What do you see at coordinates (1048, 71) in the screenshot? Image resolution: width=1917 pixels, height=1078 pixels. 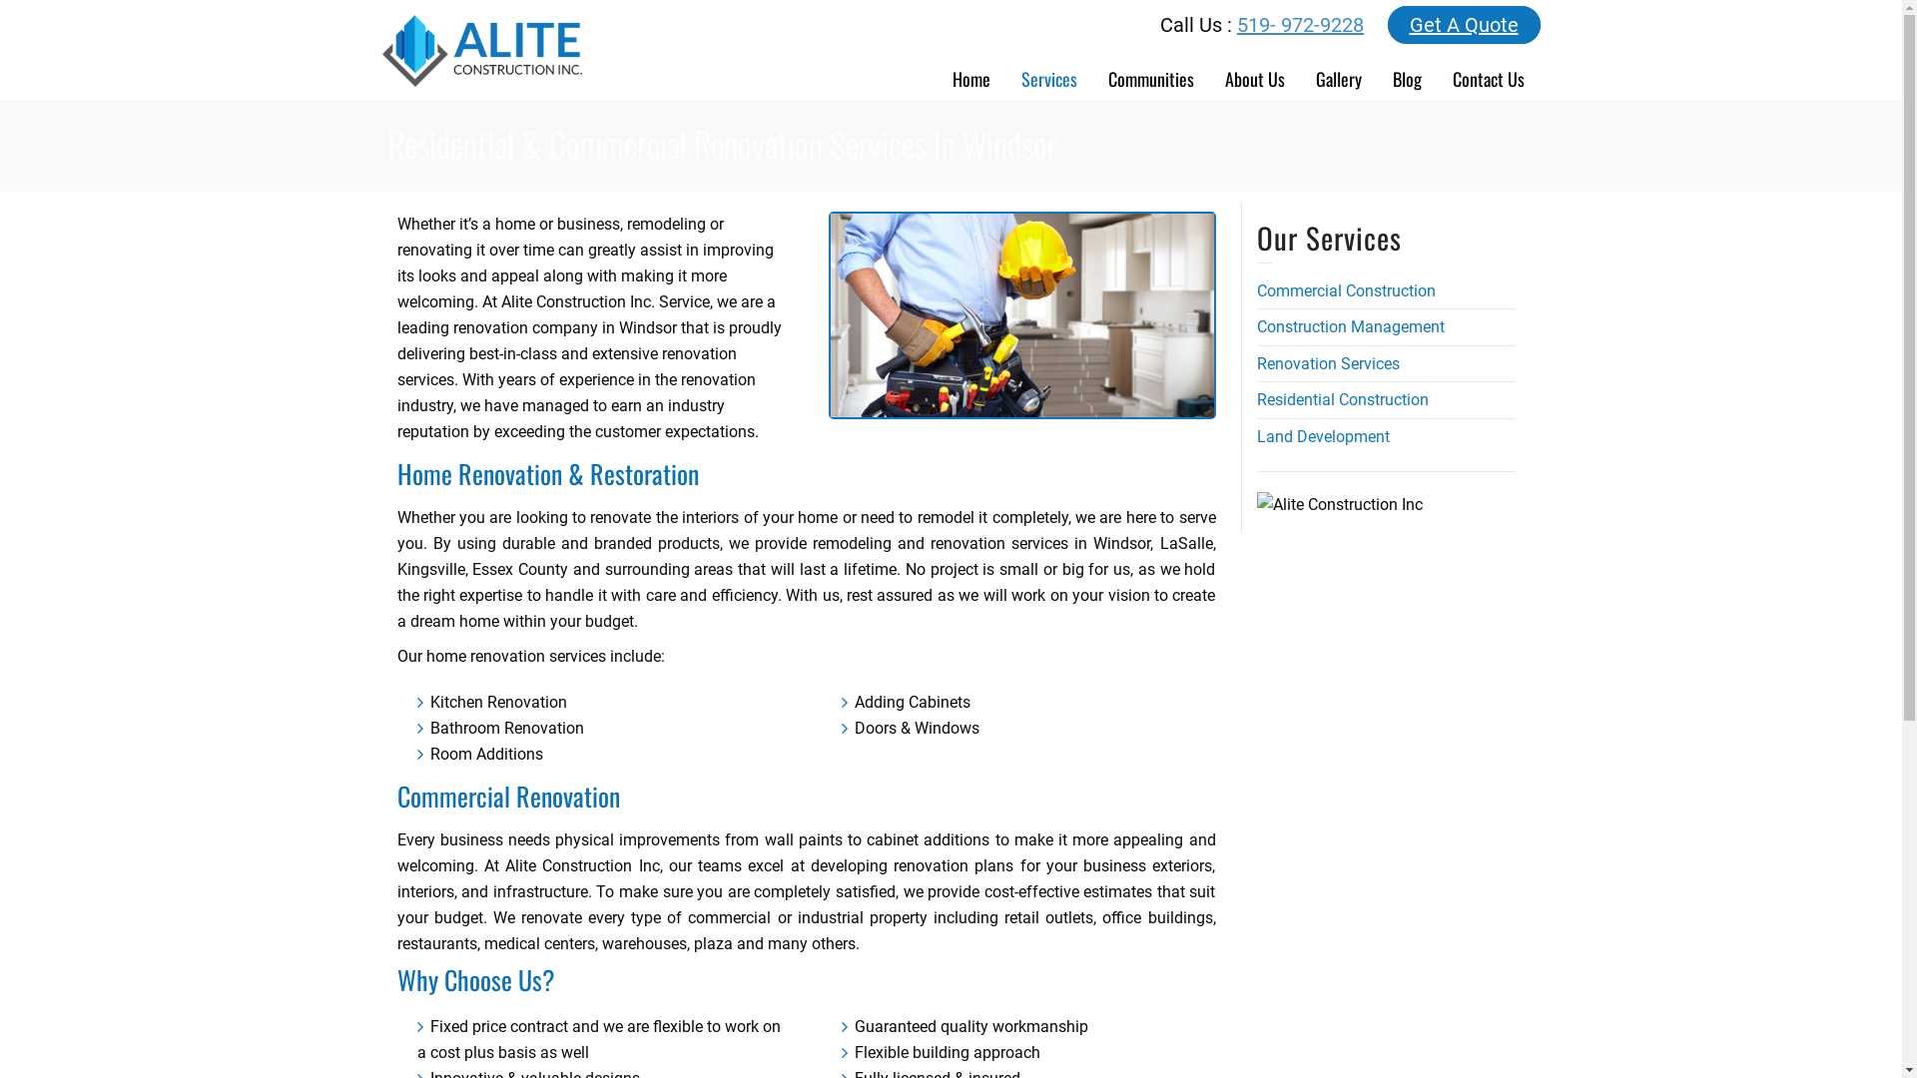 I see `'Services'` at bounding box center [1048, 71].